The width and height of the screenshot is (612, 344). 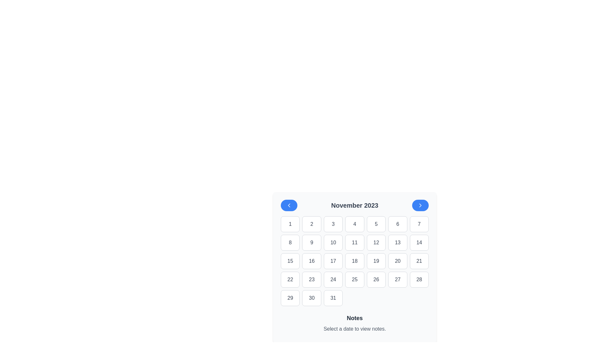 I want to click on the date selector button for the 29th day, located in the sixth row and first column of the calendar grid, so click(x=290, y=298).